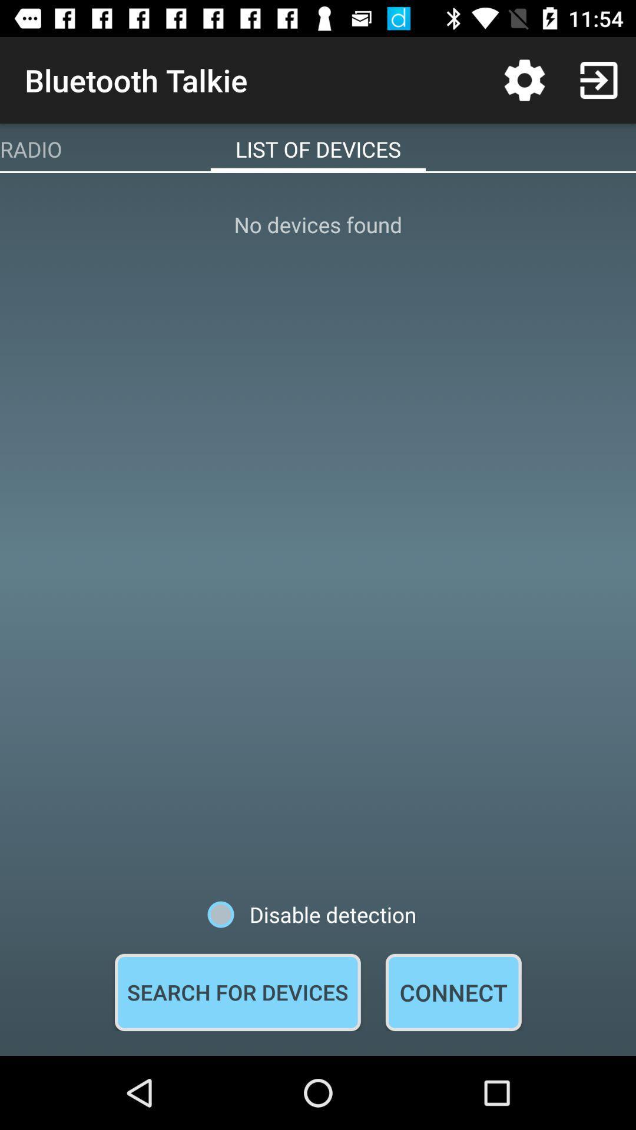  I want to click on item below radio app, so click(318, 536).